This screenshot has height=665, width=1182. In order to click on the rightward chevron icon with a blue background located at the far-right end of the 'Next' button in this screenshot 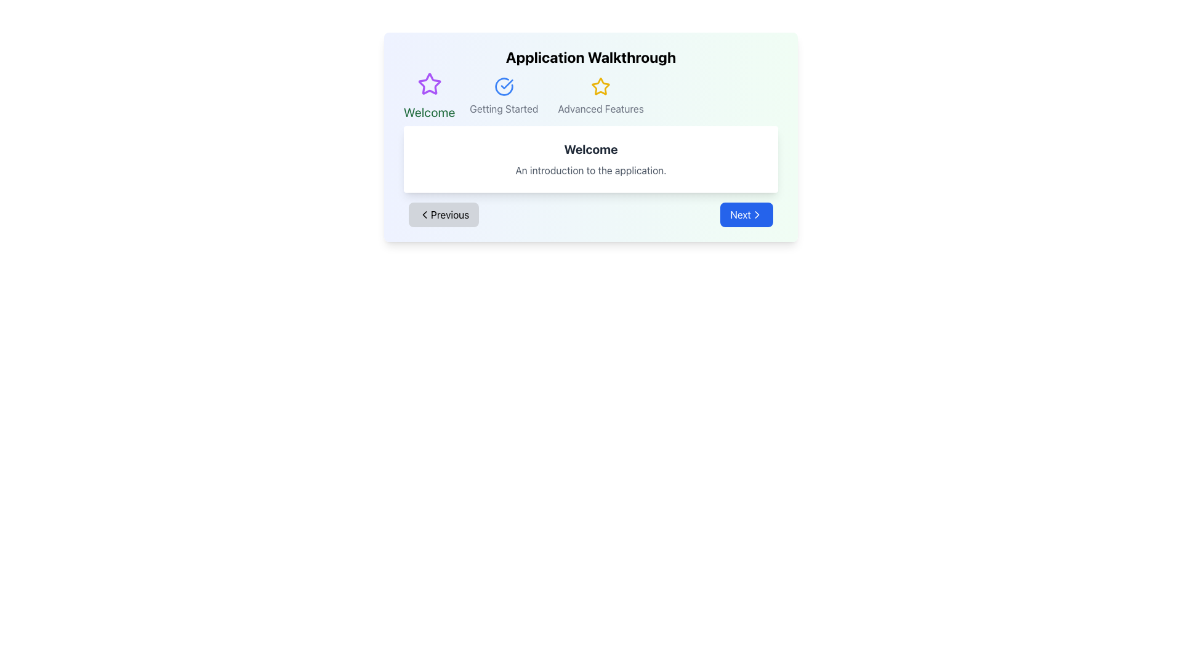, I will do `click(756, 214)`.